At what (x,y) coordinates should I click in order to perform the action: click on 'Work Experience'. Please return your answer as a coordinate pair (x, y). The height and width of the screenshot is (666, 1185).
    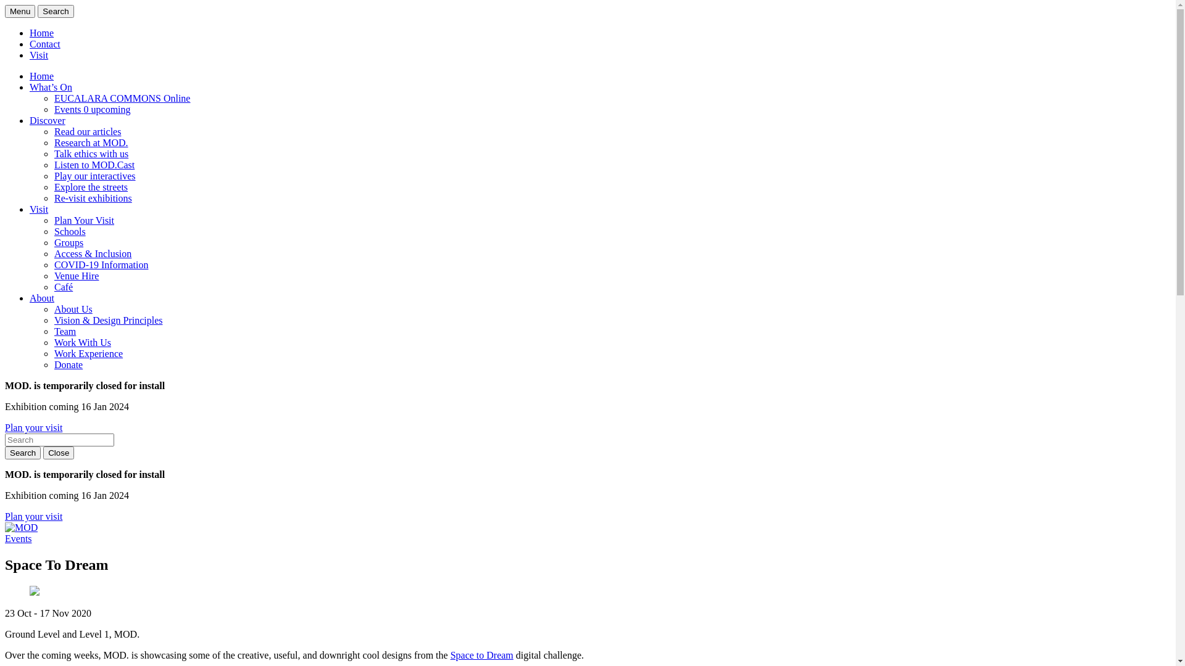
    Looking at the image, I should click on (88, 353).